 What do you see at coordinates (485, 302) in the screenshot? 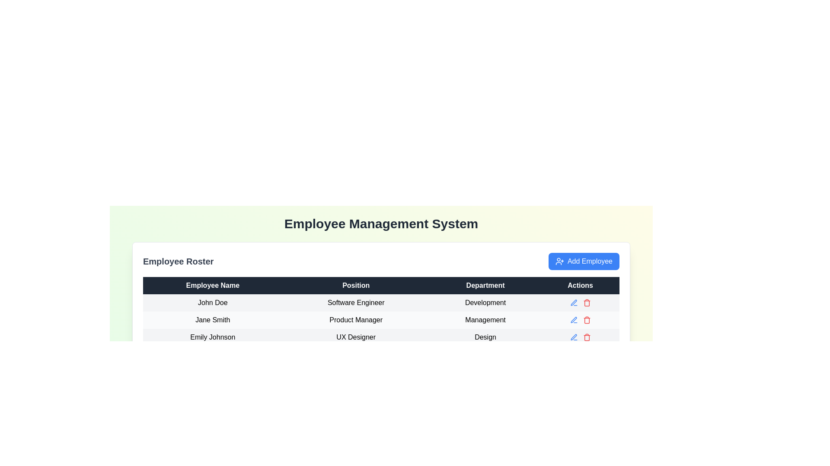
I see `the 'Development' department text associated with employee 'John Doe' in the Employee Roster table` at bounding box center [485, 302].